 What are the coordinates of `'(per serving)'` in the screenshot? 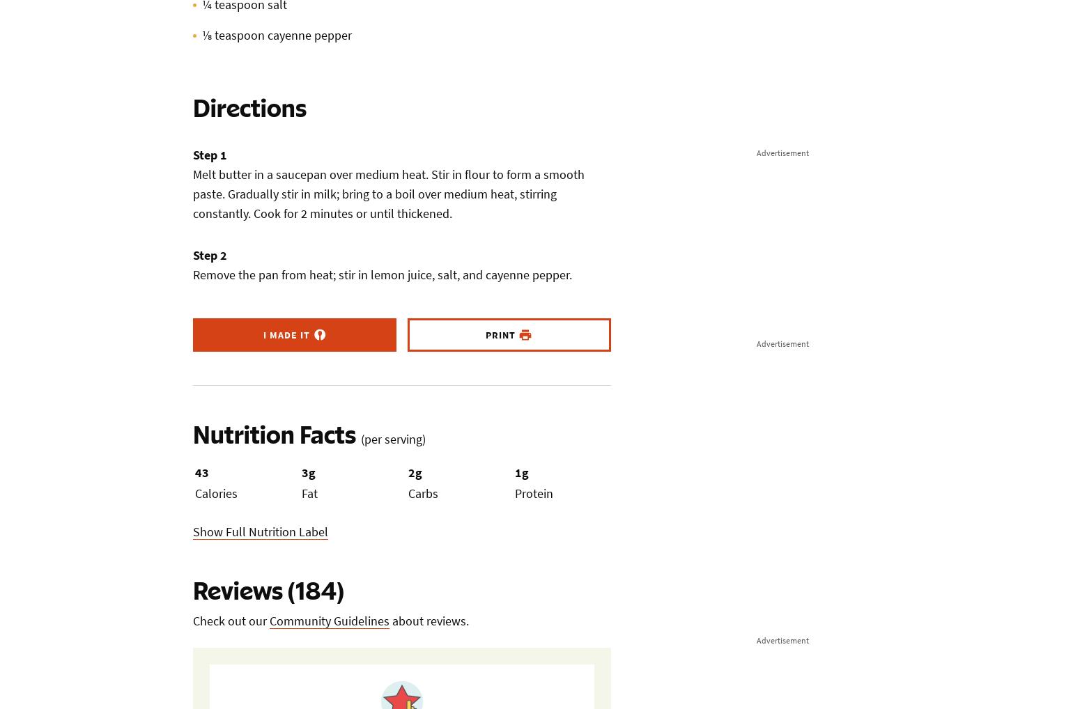 It's located at (393, 438).